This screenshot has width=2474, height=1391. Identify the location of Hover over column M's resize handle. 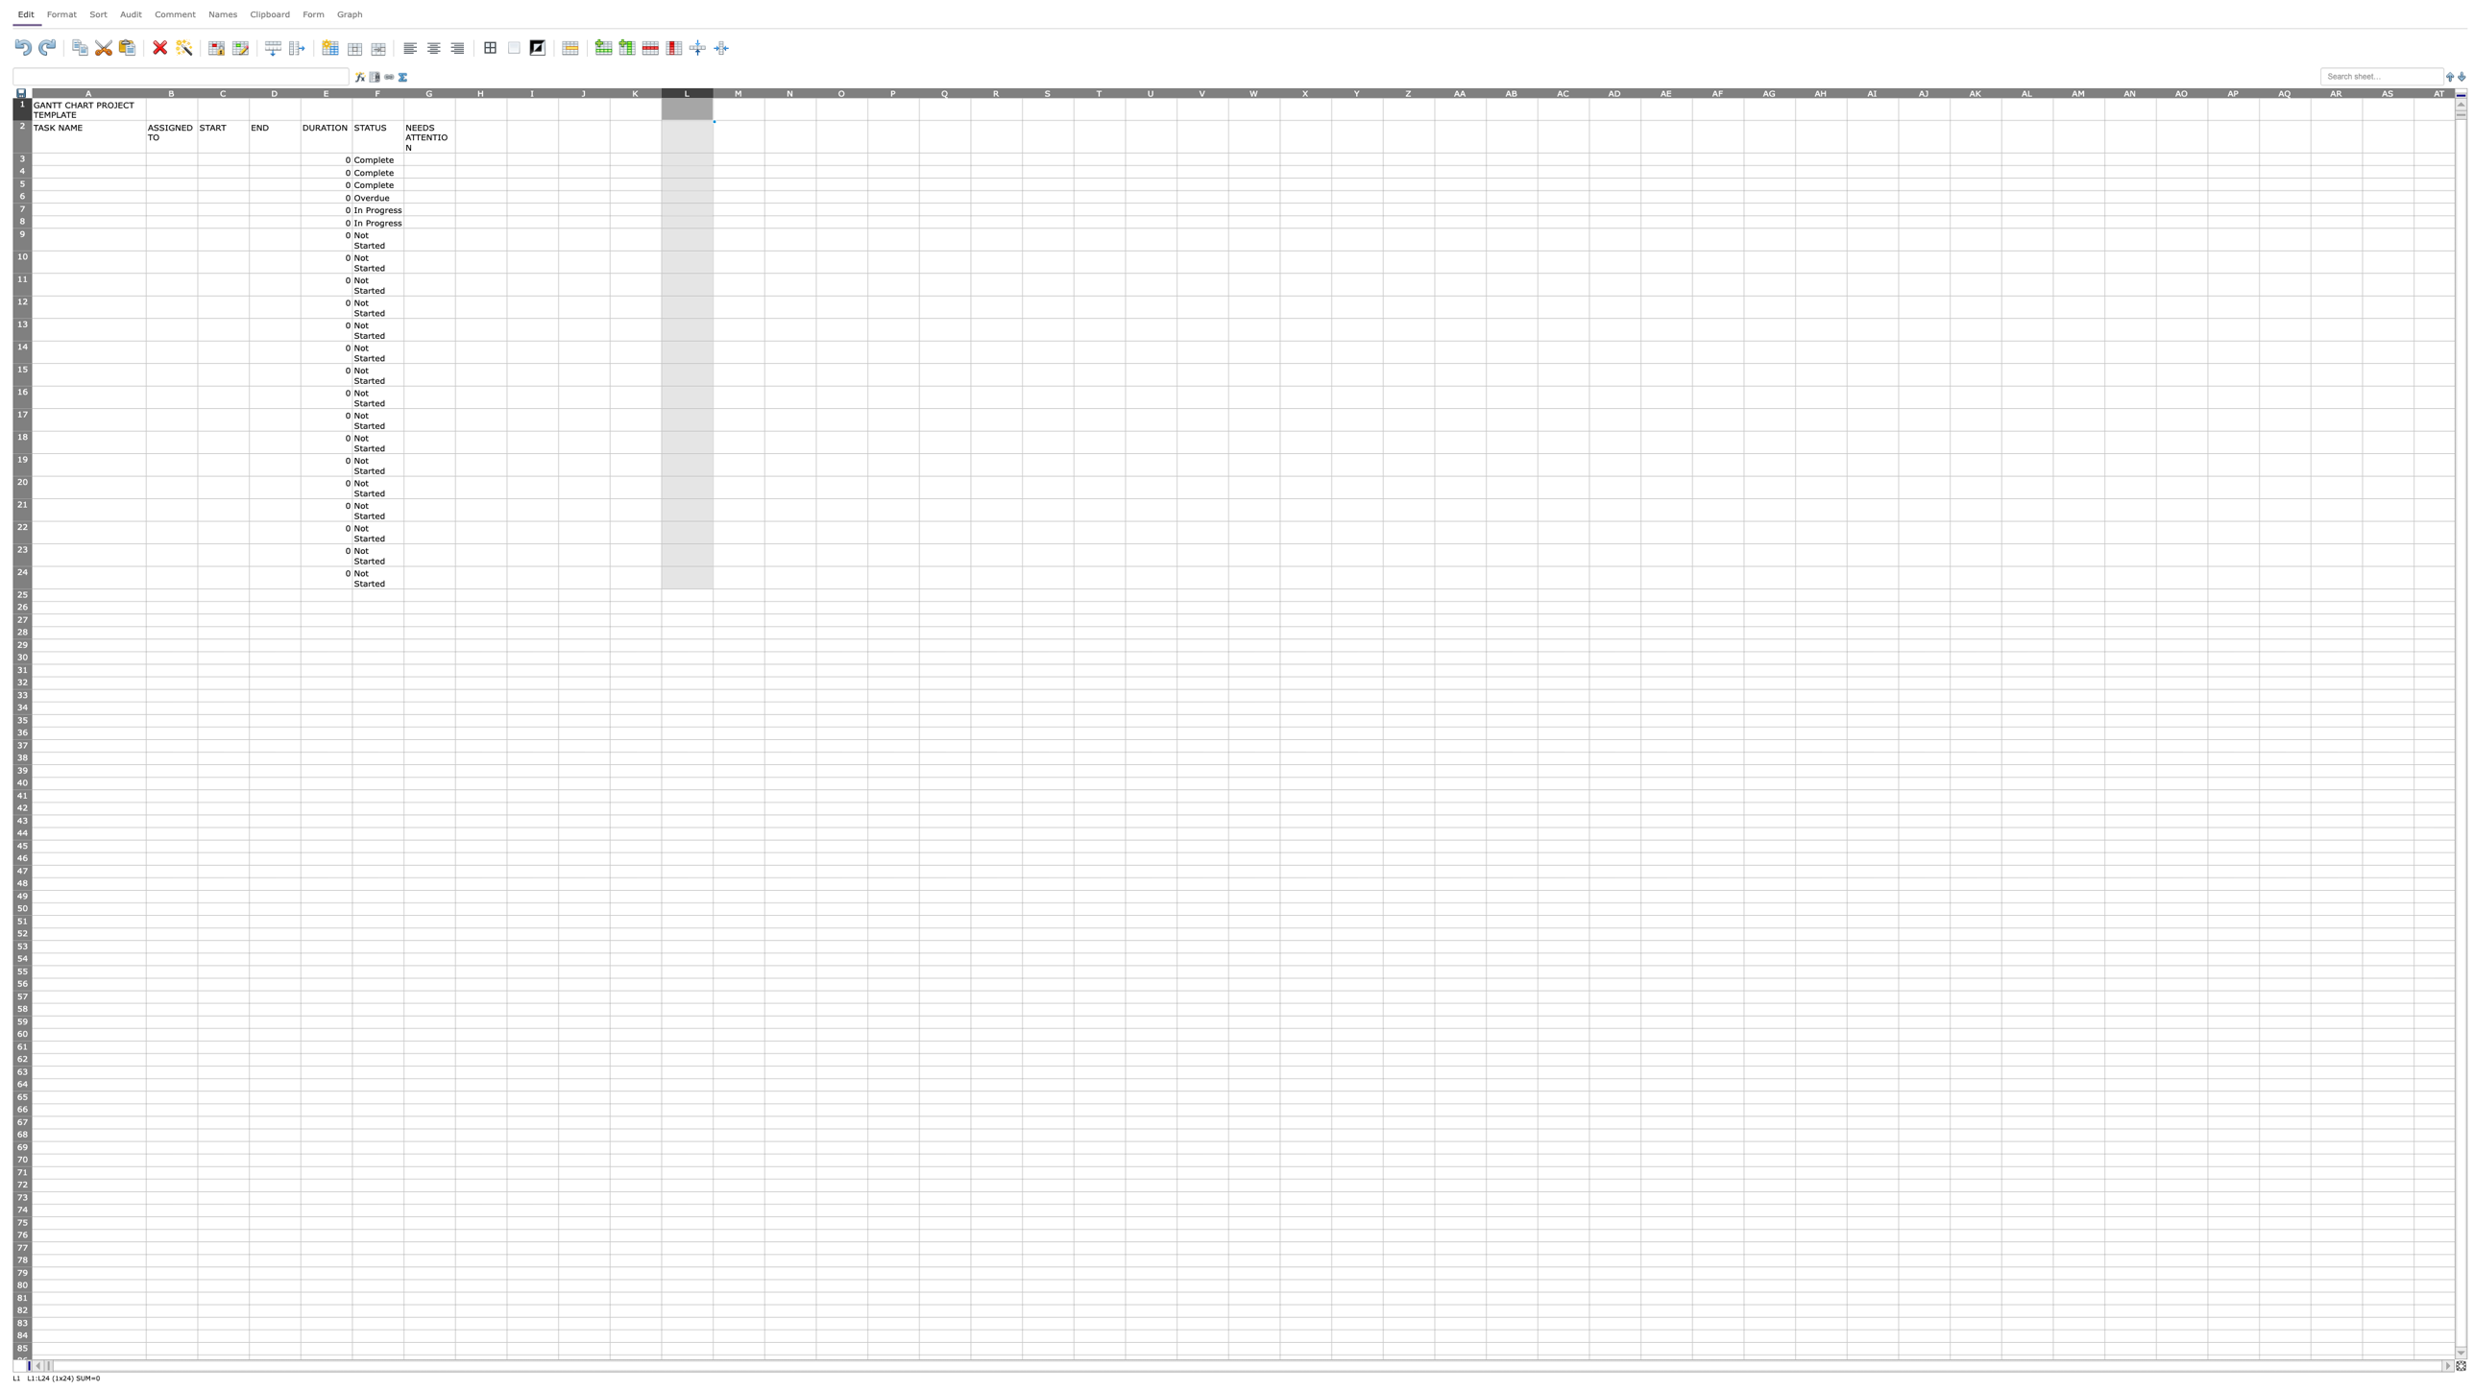
(764, 91).